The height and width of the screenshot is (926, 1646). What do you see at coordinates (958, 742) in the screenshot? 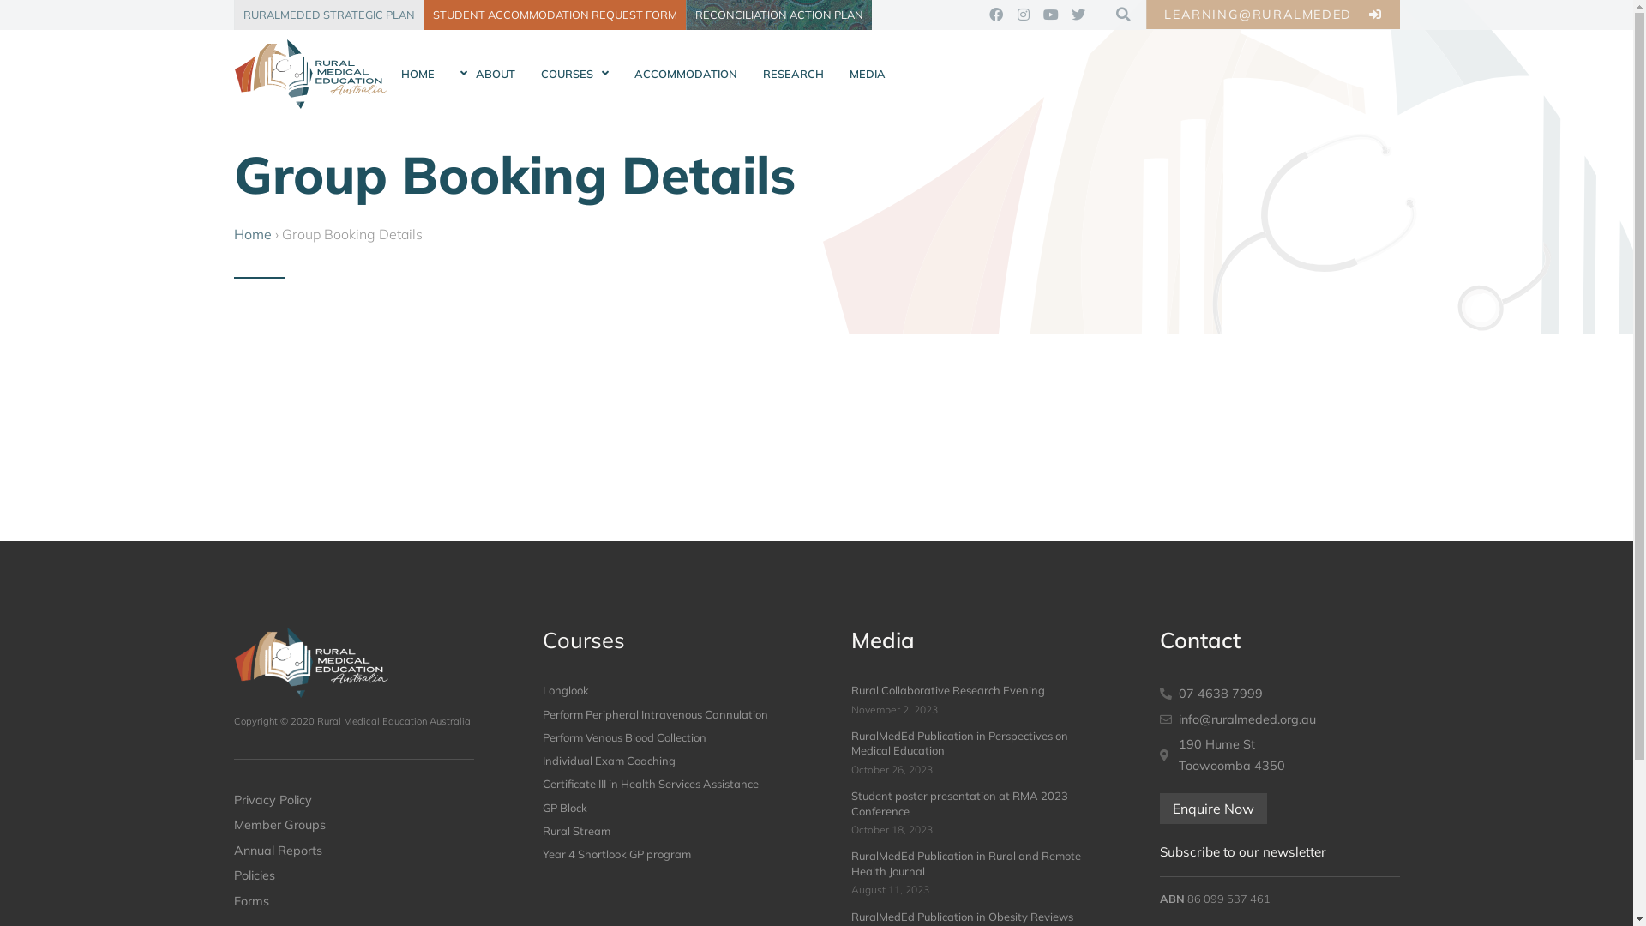
I see `'RuralMedEd Publication in Perspectives on Medical Education'` at bounding box center [958, 742].